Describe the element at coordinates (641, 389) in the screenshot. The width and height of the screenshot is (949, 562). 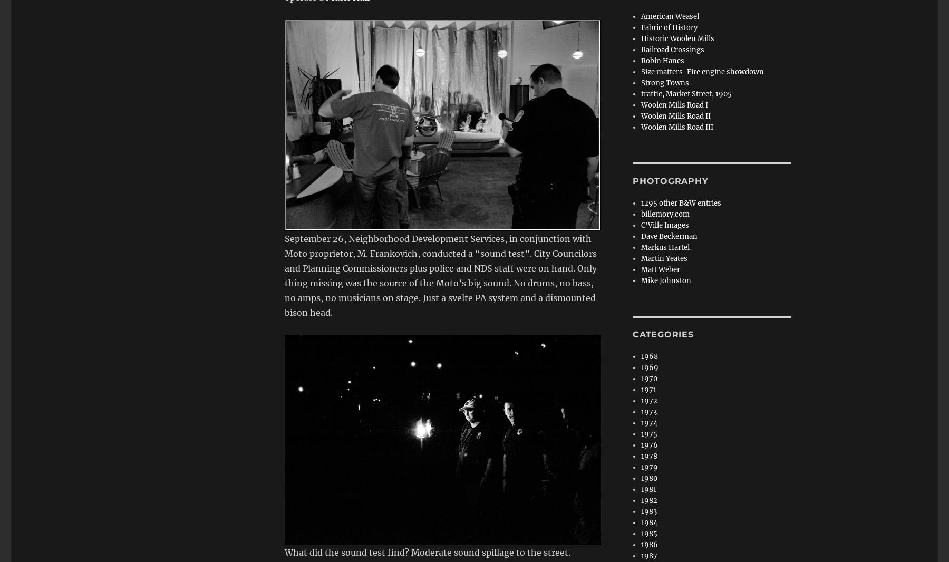
I see `'1971'` at that location.